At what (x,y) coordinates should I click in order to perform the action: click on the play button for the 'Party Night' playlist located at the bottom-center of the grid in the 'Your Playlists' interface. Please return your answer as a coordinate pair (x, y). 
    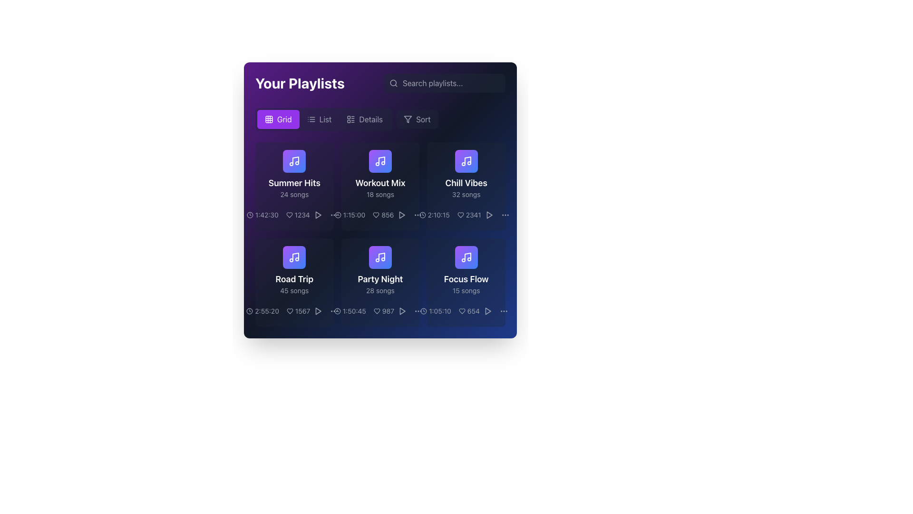
    Looking at the image, I should click on (402, 311).